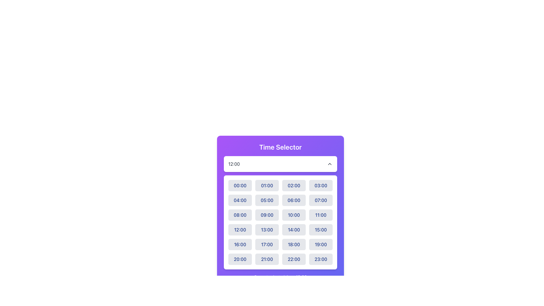 Image resolution: width=544 pixels, height=306 pixels. Describe the element at coordinates (267, 215) in the screenshot. I see `the button displaying '09:00' with a blue font on a light gray background` at that location.